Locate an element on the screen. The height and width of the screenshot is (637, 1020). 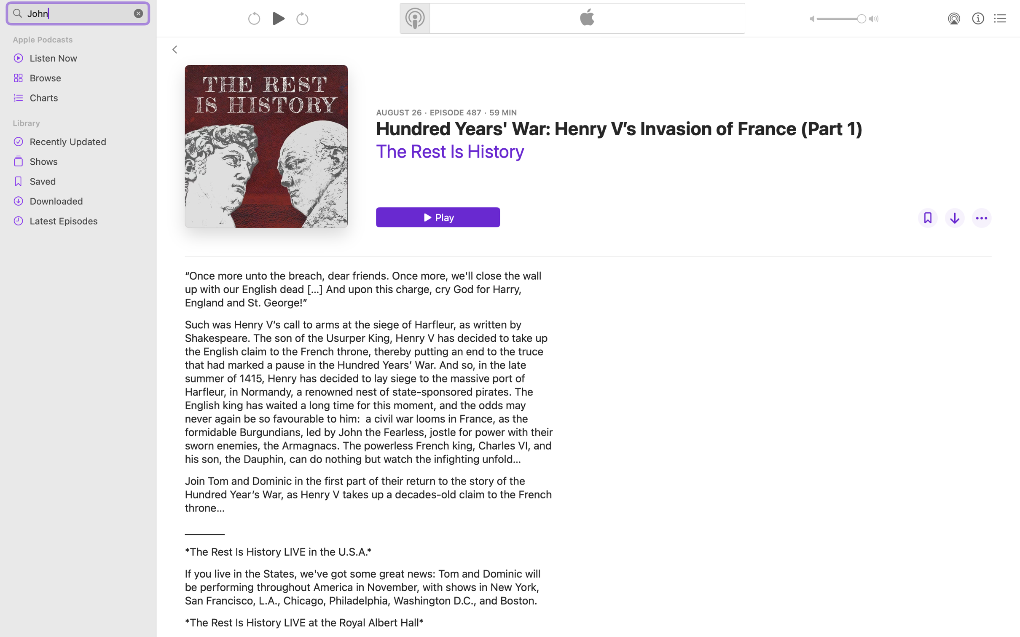
'John' is located at coordinates (78, 13).